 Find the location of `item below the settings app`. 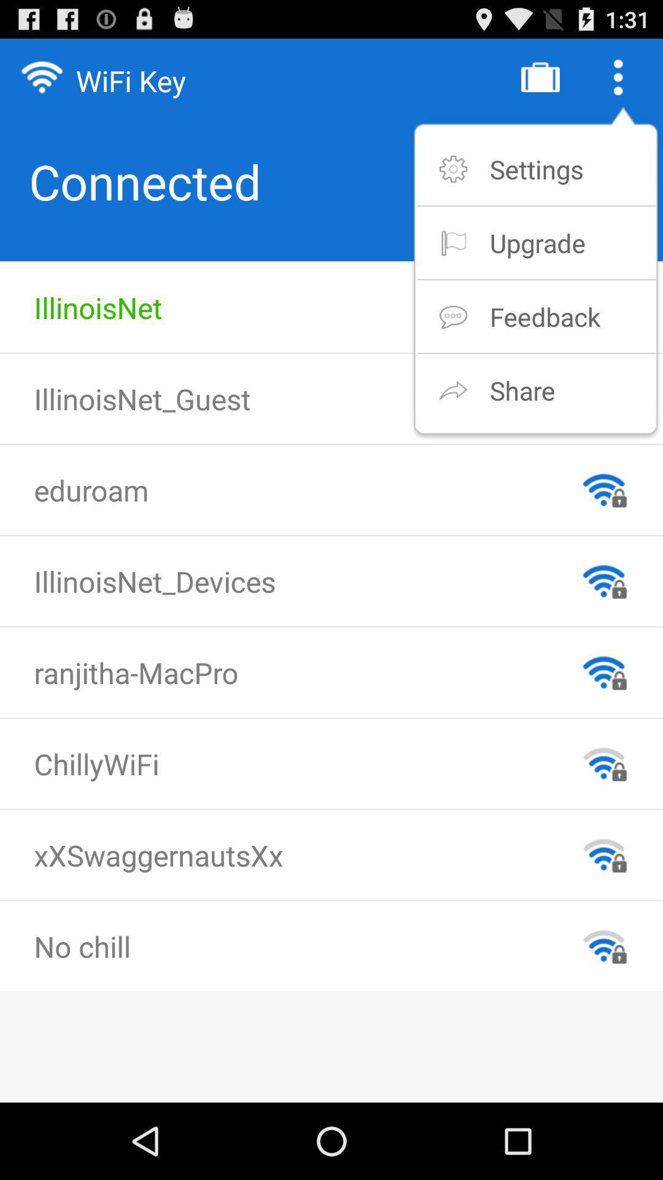

item below the settings app is located at coordinates (537, 243).